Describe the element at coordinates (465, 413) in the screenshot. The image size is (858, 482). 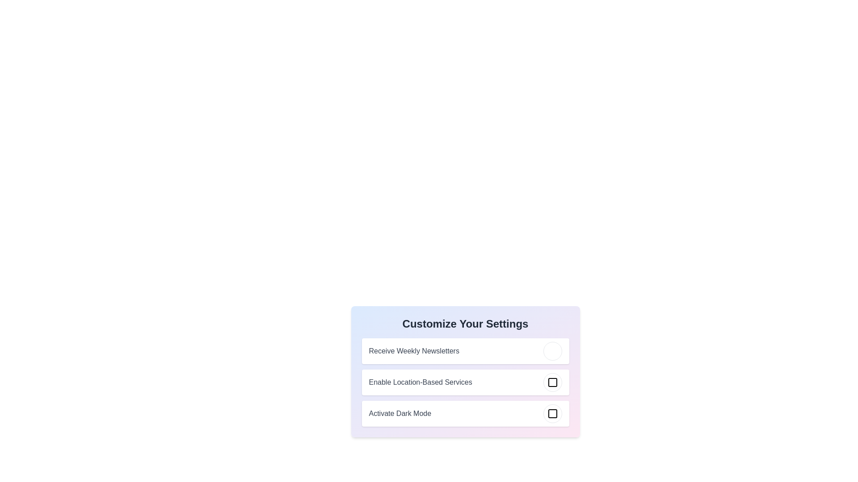
I see `the square toggle in the 'Activate Dark Mode' control` at that location.